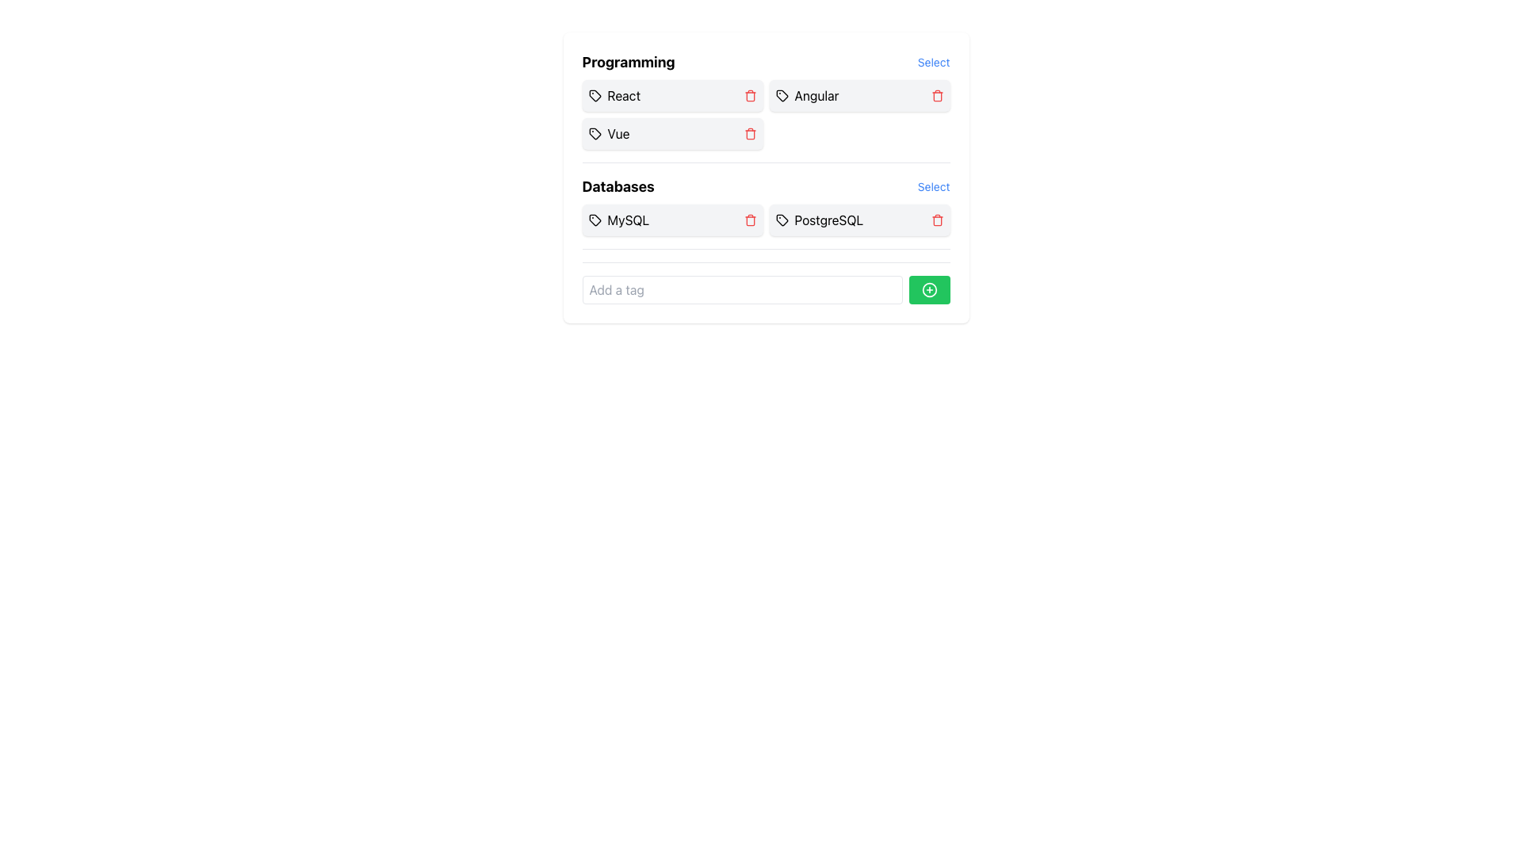 The width and height of the screenshot is (1522, 856). I want to click on the first selectable tag option in the 'Programming' section for the React framework, so click(672, 95).